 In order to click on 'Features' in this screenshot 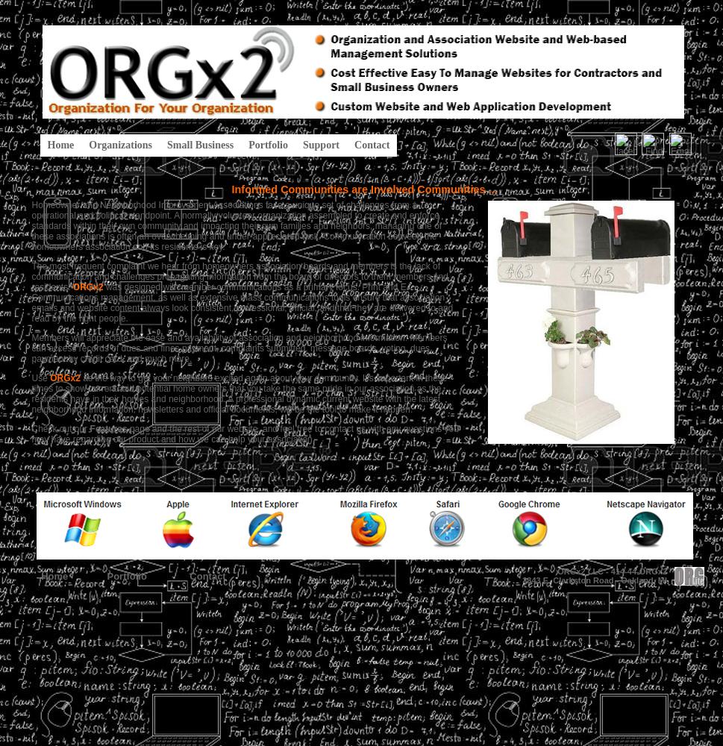, I will do `click(107, 428)`.